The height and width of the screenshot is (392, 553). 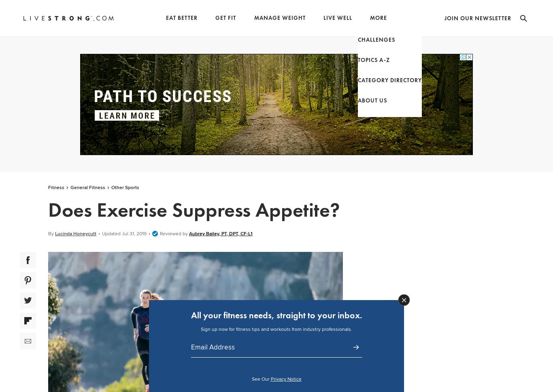 I want to click on 'Live Well', so click(x=337, y=18).